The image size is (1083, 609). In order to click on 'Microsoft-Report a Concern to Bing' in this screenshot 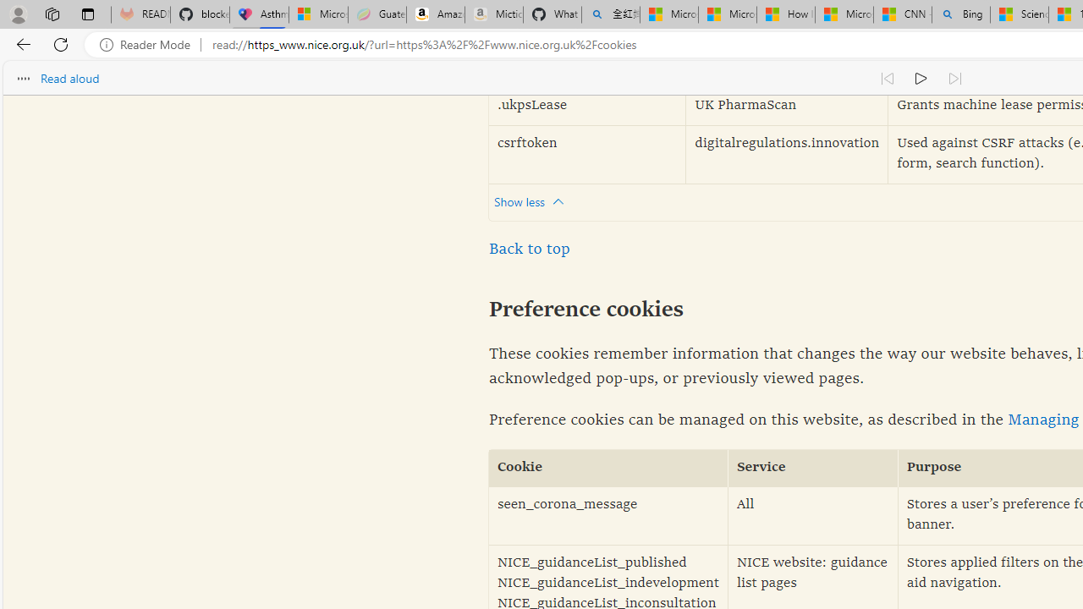, I will do `click(318, 14)`.